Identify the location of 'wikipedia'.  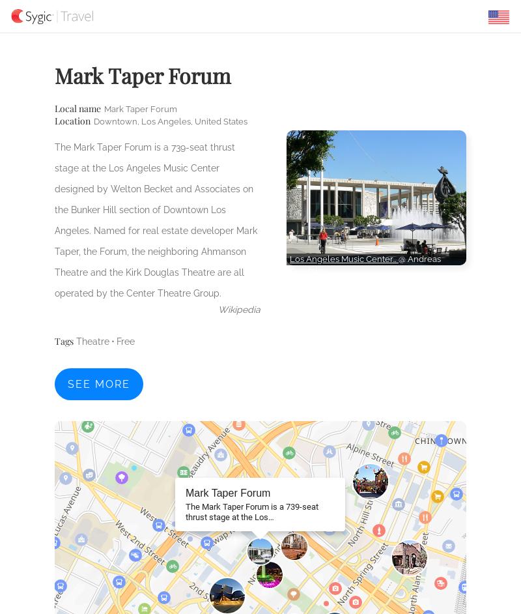
(218, 309).